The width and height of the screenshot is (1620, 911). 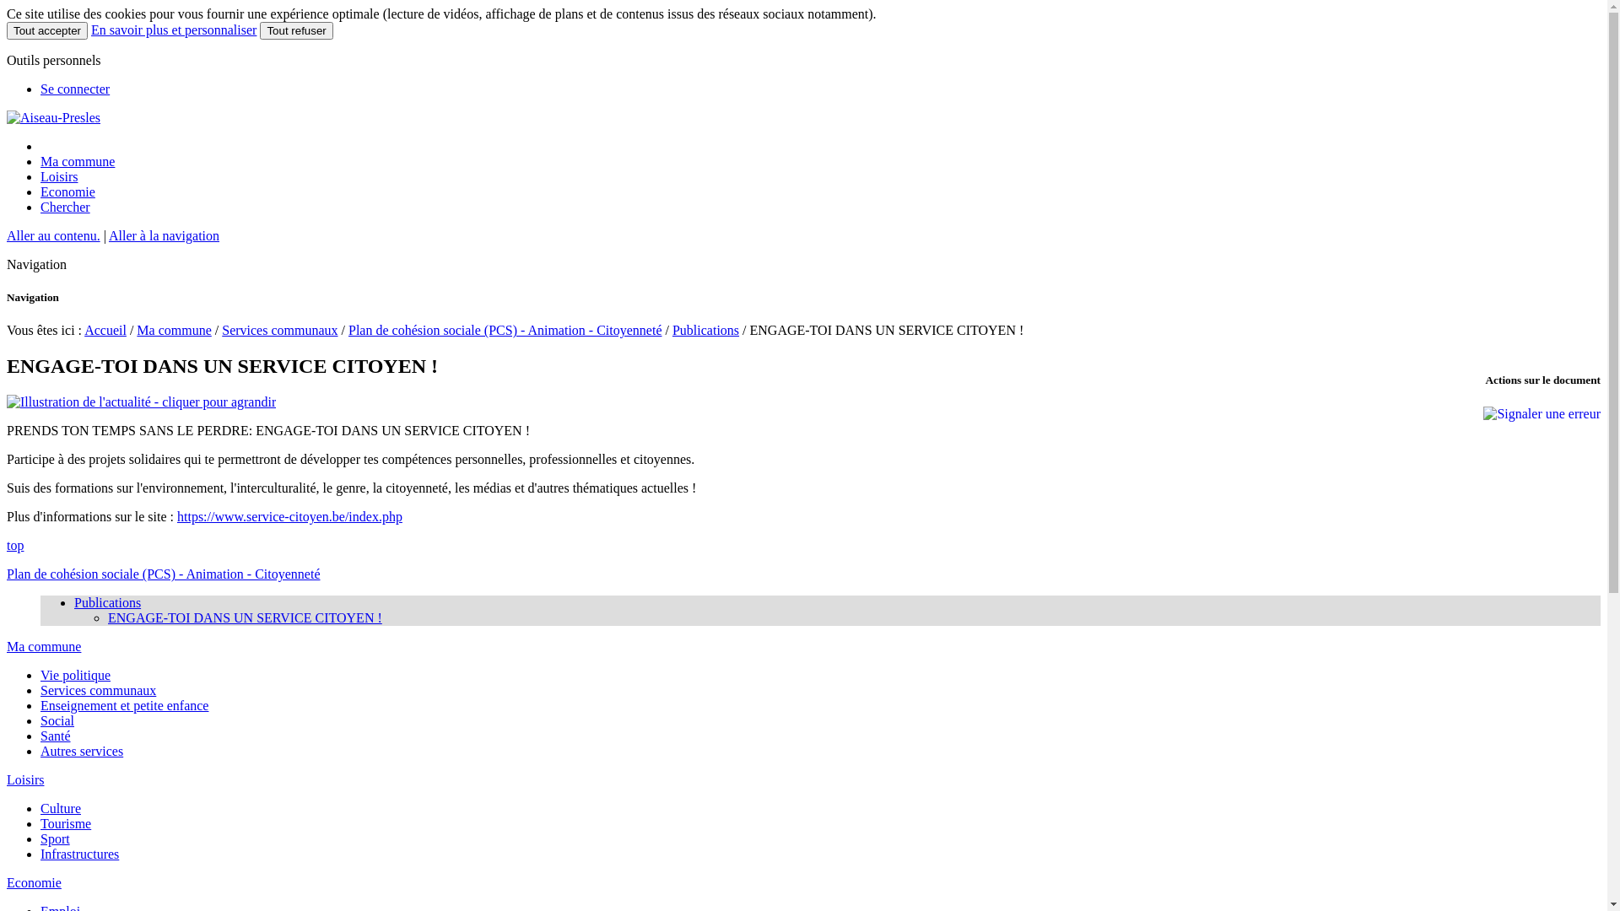 What do you see at coordinates (279, 330) in the screenshot?
I see `'Services communaux'` at bounding box center [279, 330].